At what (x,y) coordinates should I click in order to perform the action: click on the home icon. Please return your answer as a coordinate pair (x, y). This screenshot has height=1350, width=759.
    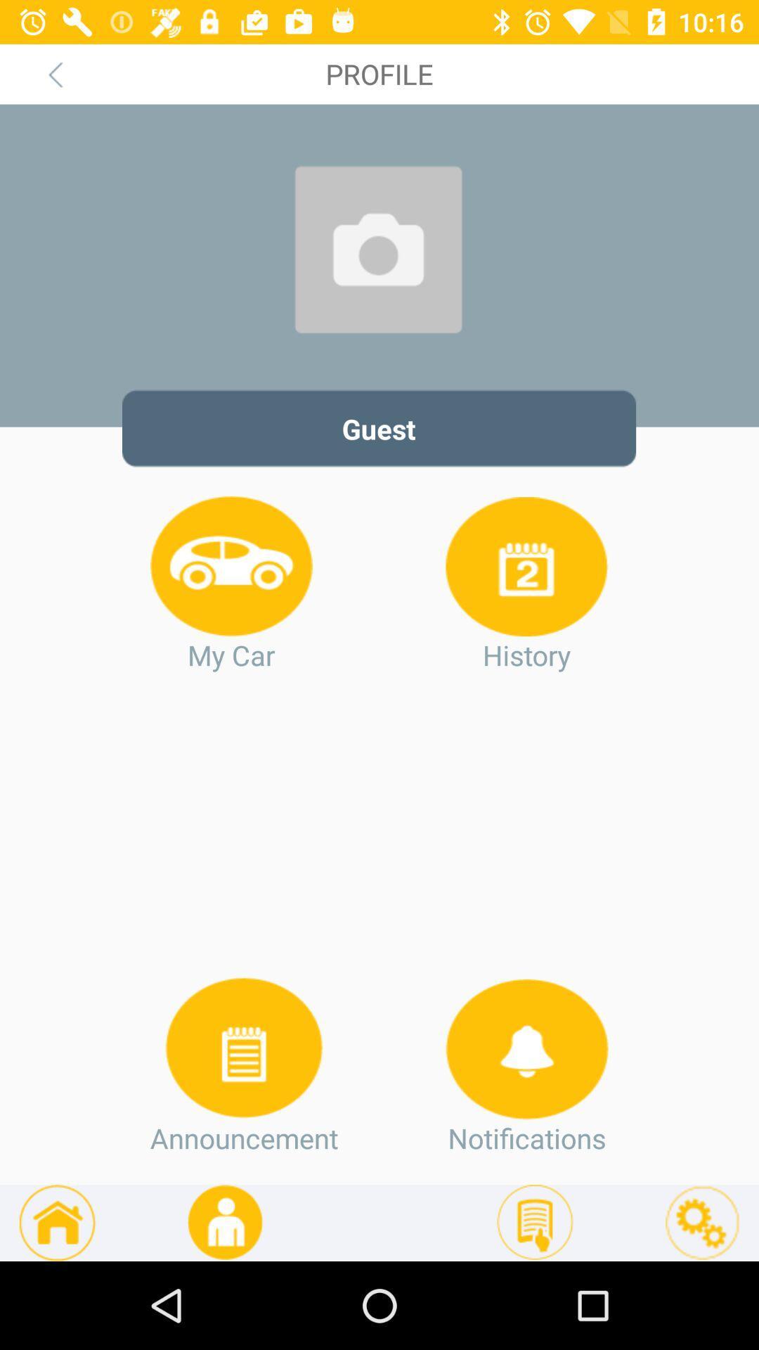
    Looking at the image, I should click on (56, 1222).